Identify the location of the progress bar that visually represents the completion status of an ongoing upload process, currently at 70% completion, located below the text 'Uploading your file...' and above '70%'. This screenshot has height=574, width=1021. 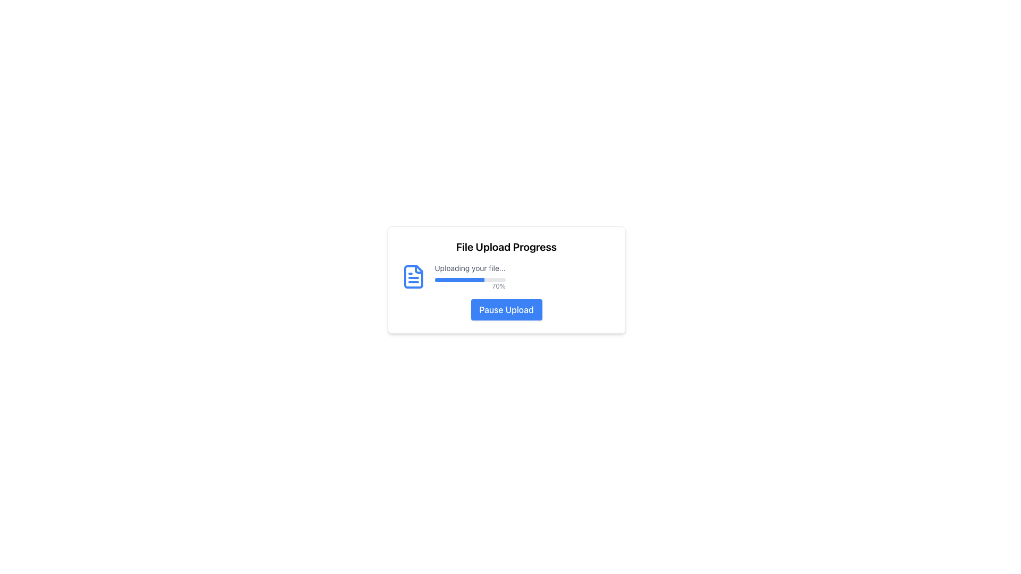
(470, 280).